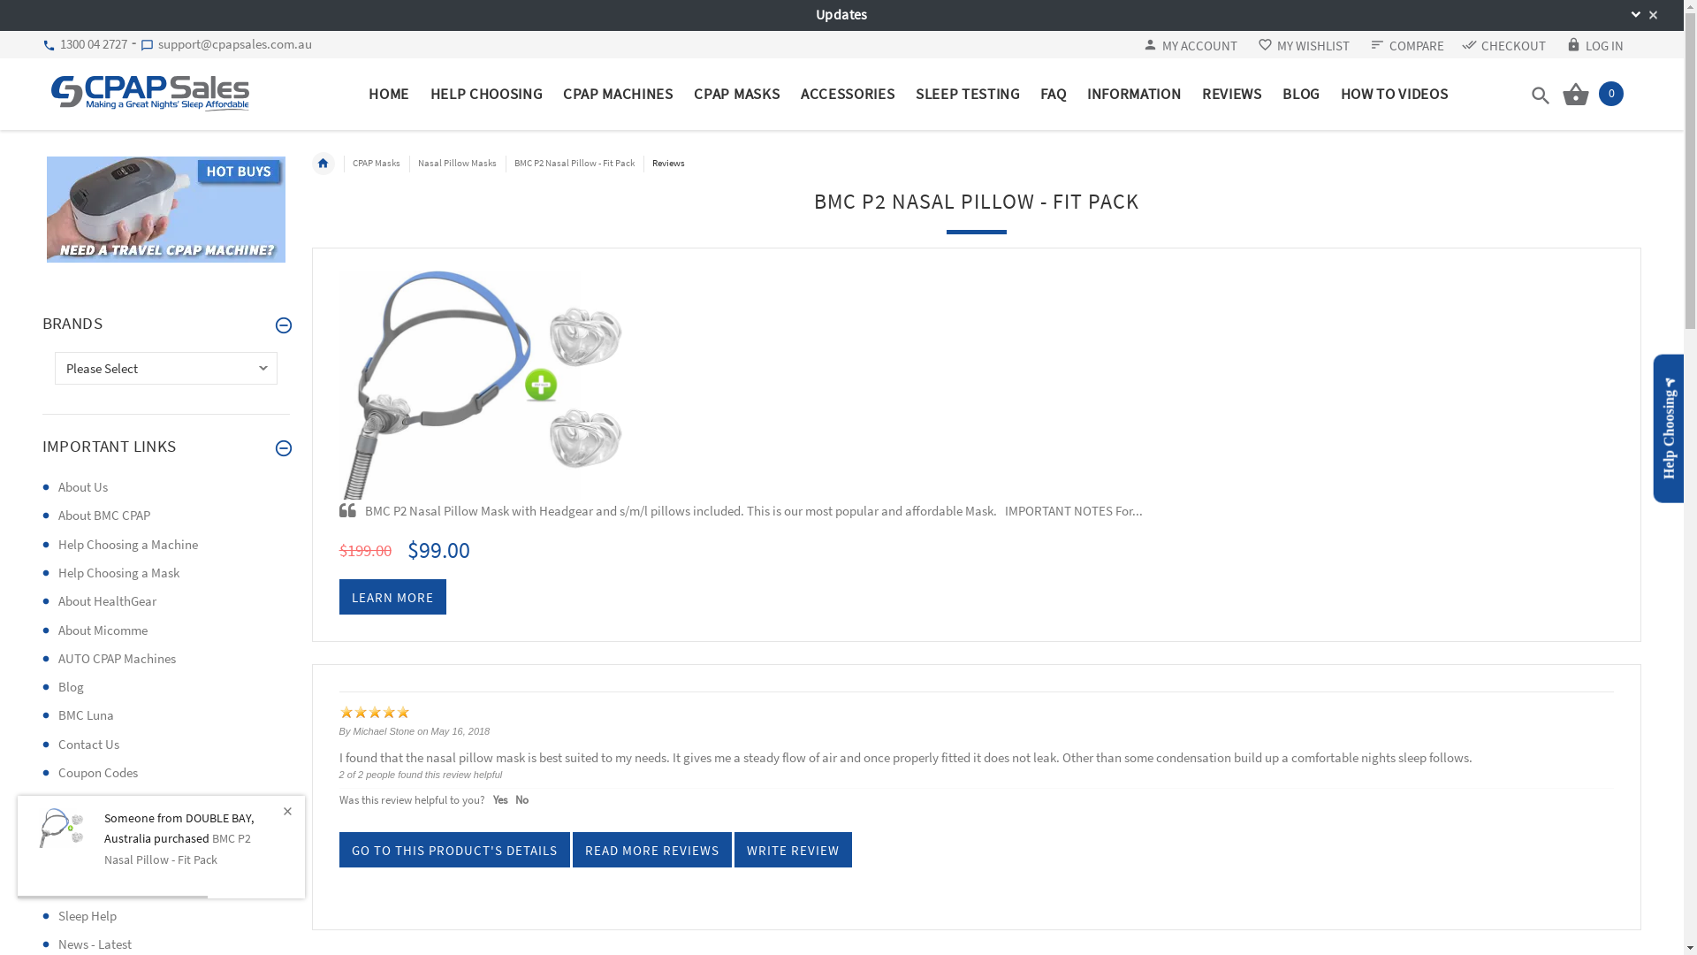 The width and height of the screenshot is (1697, 955). I want to click on 'AUTO CPAP Machines', so click(116, 658).